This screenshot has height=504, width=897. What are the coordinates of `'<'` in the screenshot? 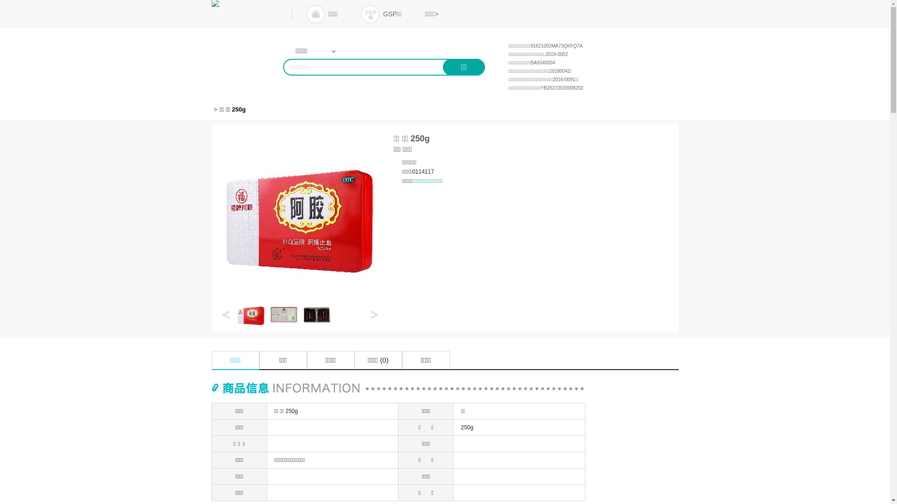 It's located at (218, 315).